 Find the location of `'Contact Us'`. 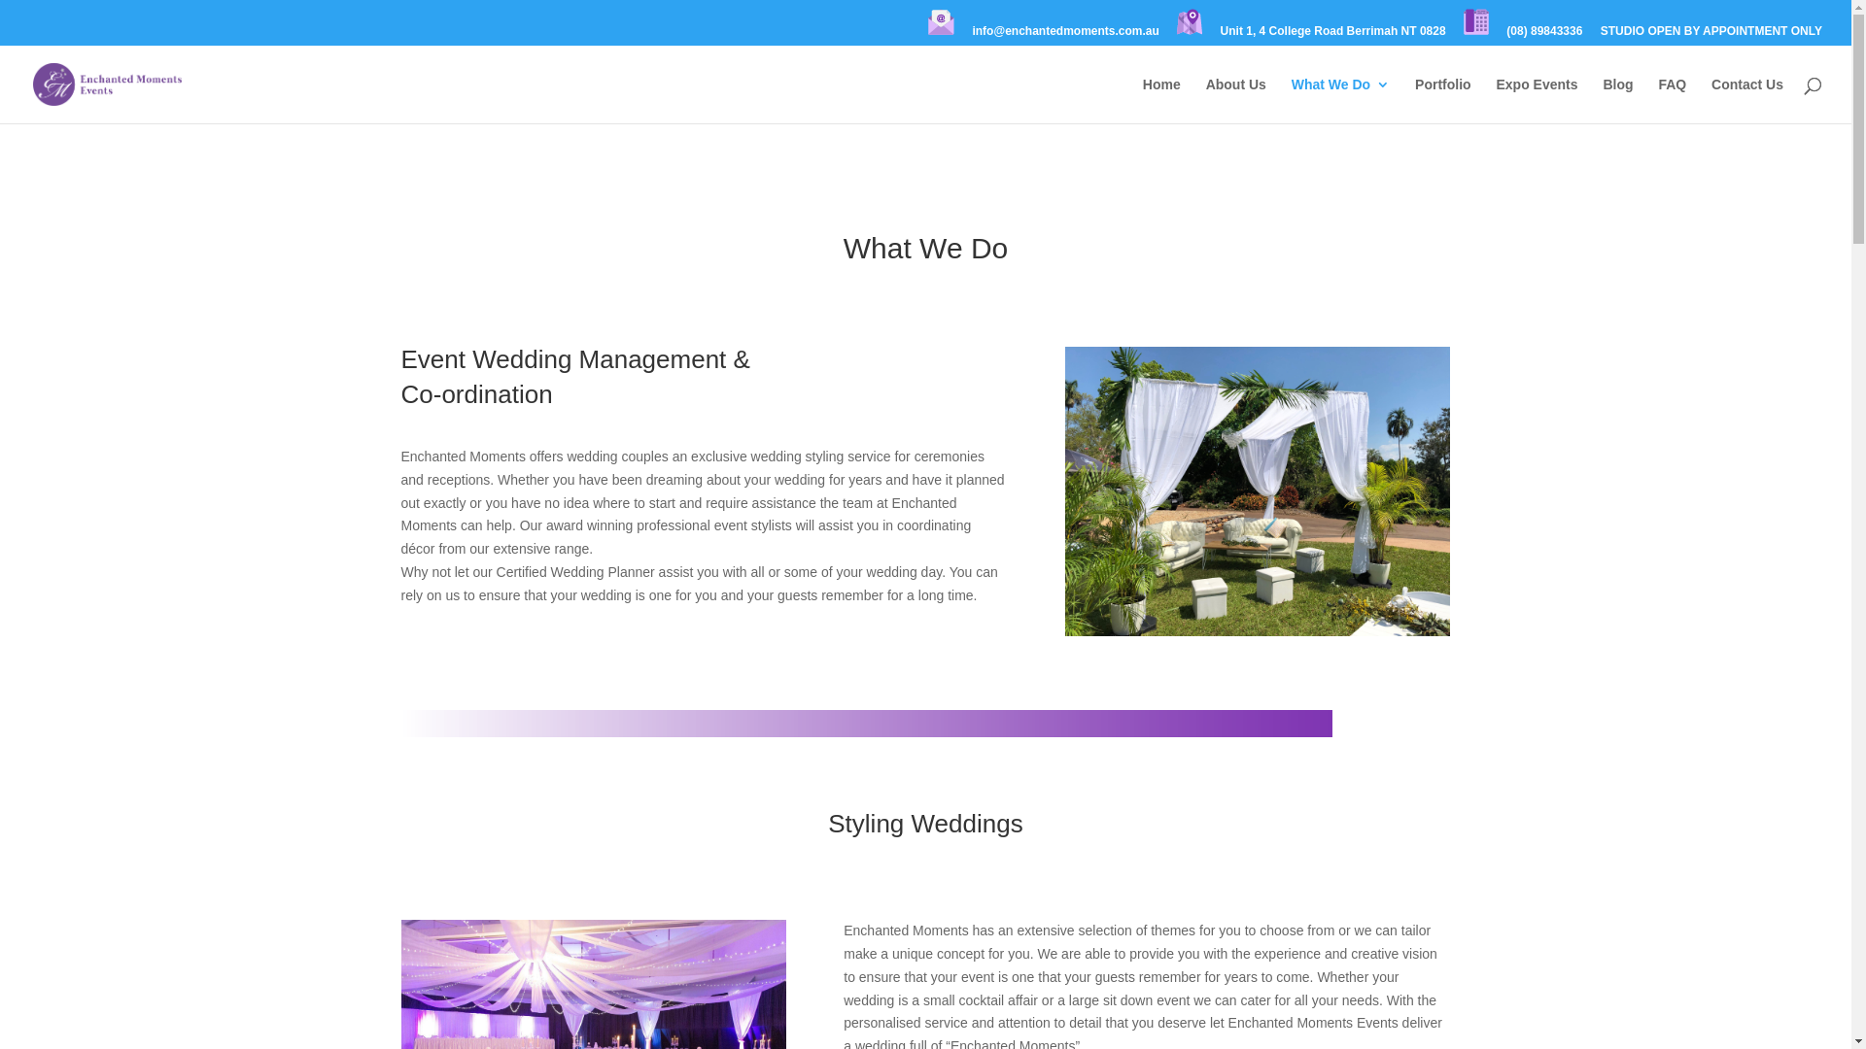

'Contact Us' is located at coordinates (1747, 100).